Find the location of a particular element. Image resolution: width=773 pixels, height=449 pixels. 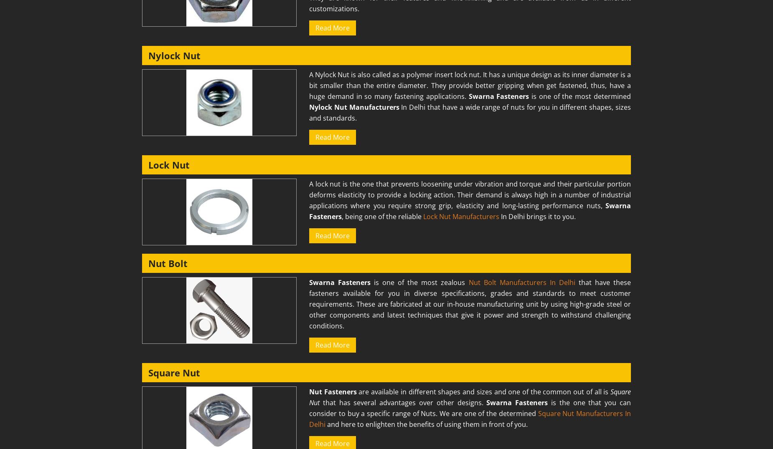

'A lock nut is the one that prevents loosening under vibration and torque and their particular portion deforms elasticity to provide a locking action. Their demand is always high in a number of industrial applications where you require strong grip, elasticity and long-lasting performance nuts,' is located at coordinates (309, 194).